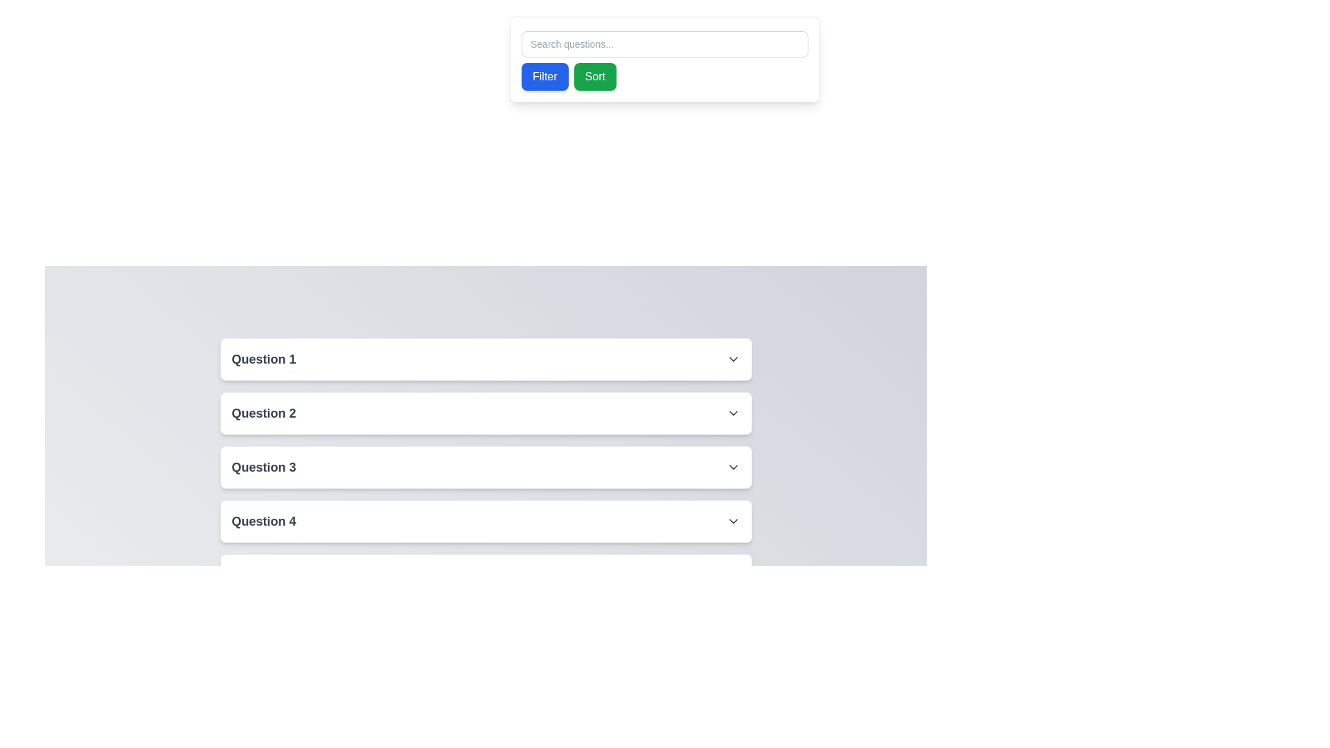 The image size is (1330, 748). I want to click on the second text label in the list that serves as a title or description for a section, so click(263, 413).